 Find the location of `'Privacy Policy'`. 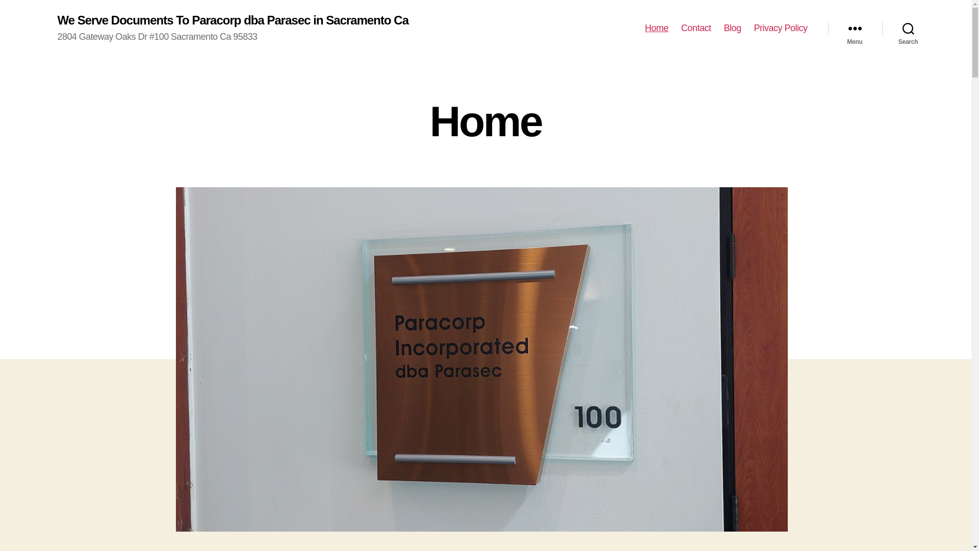

'Privacy Policy' is located at coordinates (754, 28).